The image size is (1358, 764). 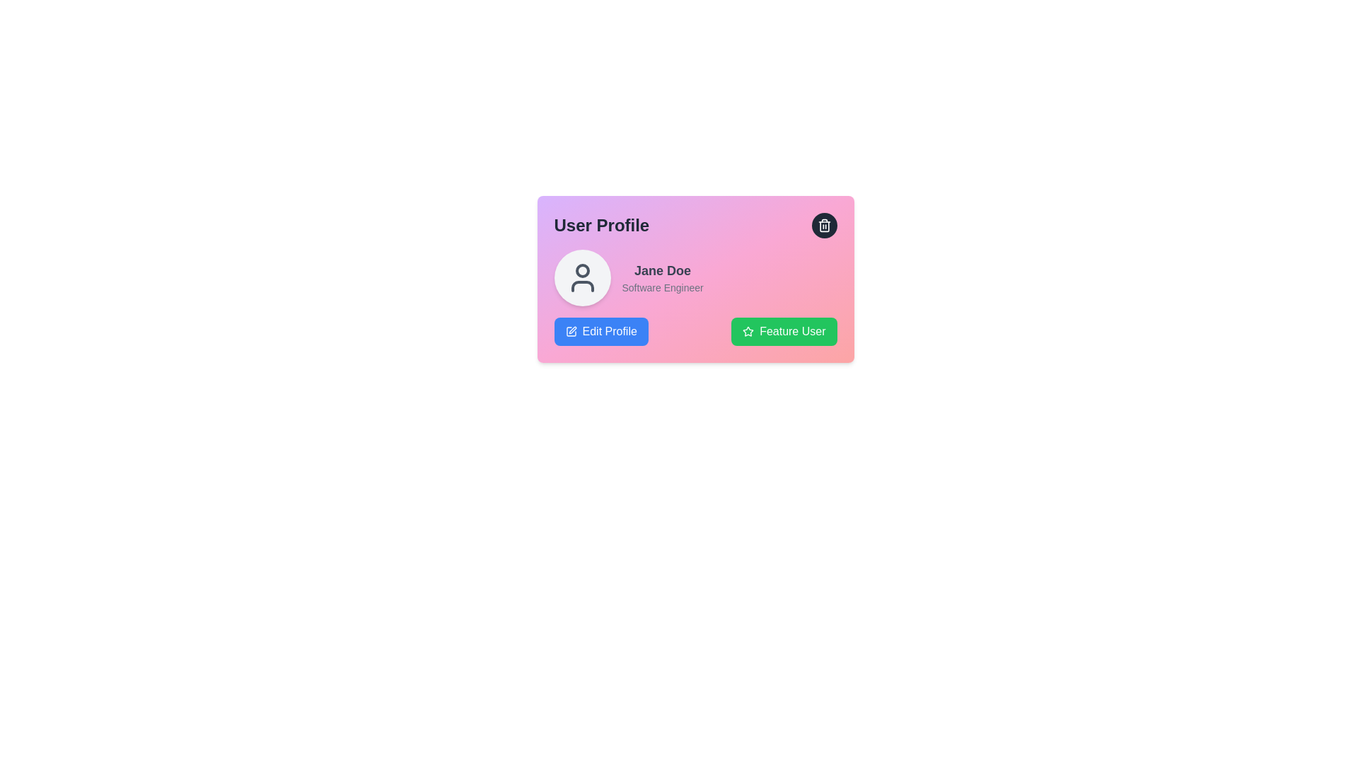 I want to click on the text label indicating the user role for 'Jane Doe', which is positioned below the name in the user profile card, so click(x=662, y=287).